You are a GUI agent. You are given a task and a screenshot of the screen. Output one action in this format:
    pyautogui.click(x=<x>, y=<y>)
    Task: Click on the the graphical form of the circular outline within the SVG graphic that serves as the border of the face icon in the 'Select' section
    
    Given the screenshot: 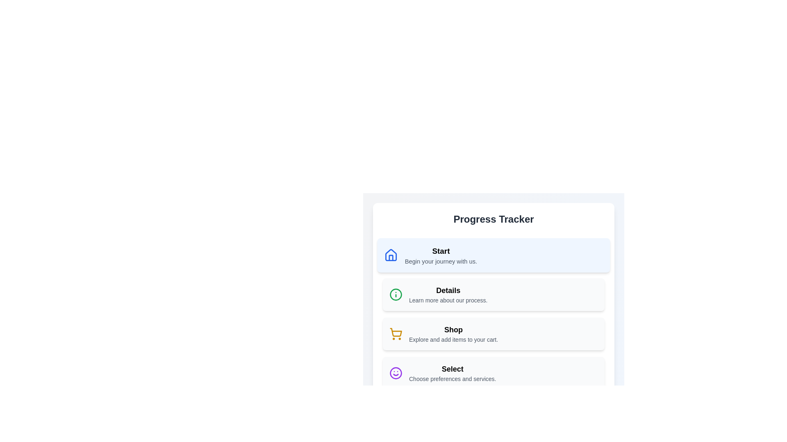 What is the action you would take?
    pyautogui.click(x=396, y=373)
    